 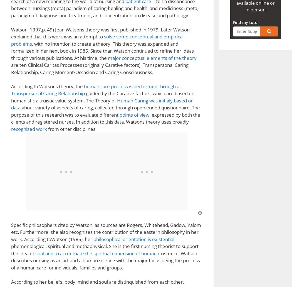 What do you see at coordinates (77, 3) in the screenshot?
I see `'Upholders and health educators for patients'` at bounding box center [77, 3].